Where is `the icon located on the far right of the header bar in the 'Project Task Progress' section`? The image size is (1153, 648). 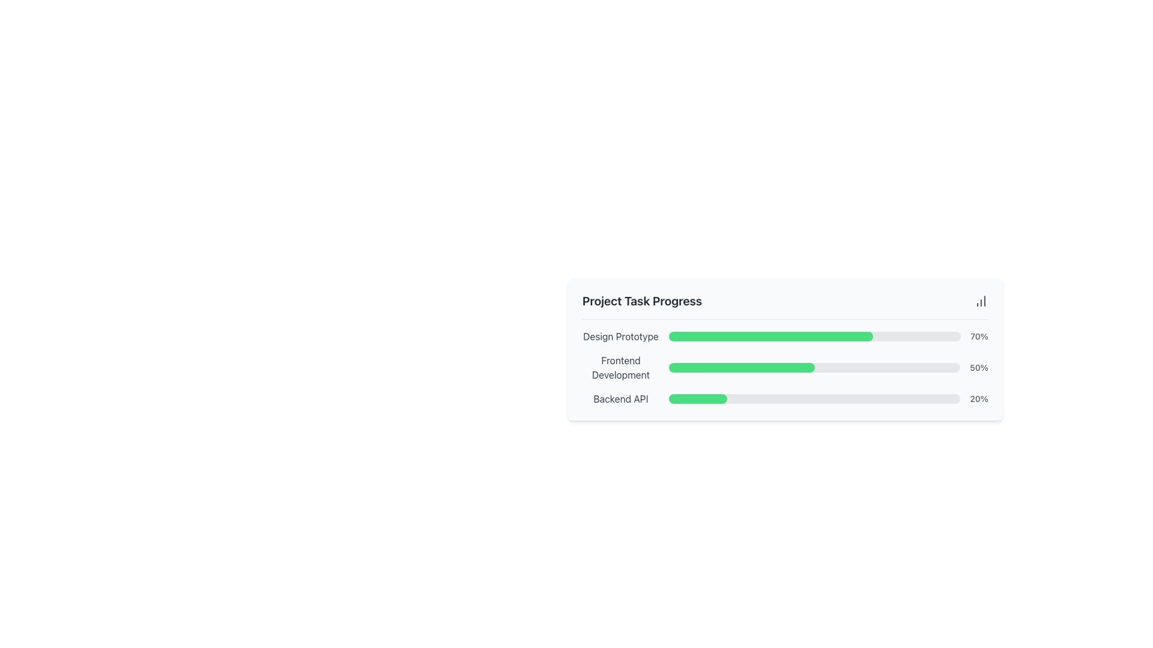
the icon located on the far right of the header bar in the 'Project Task Progress' section is located at coordinates (981, 300).